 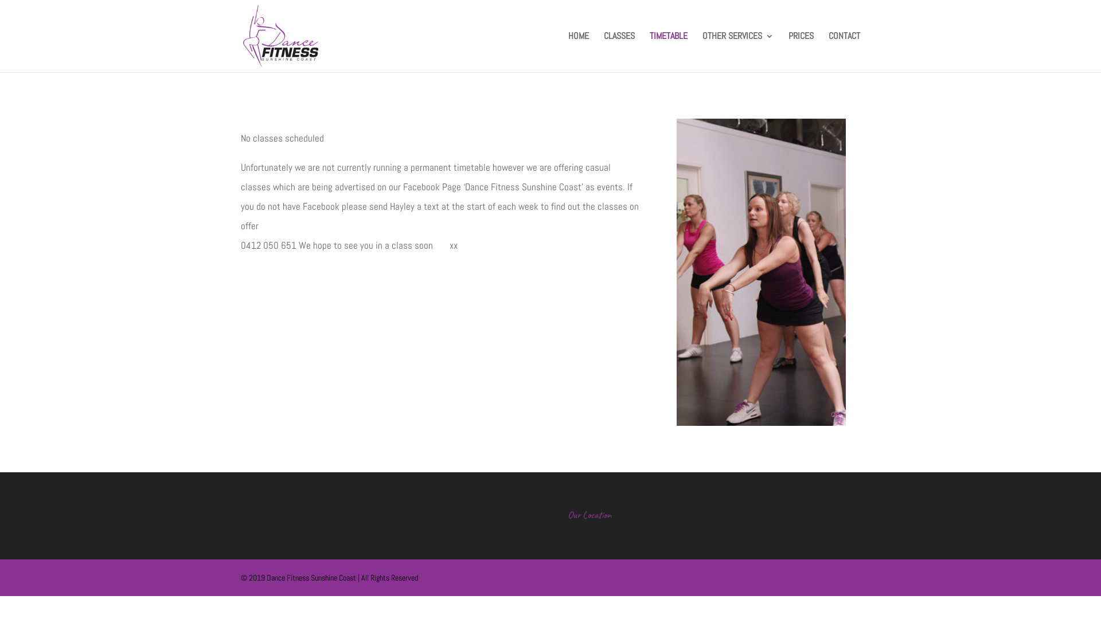 I want to click on 'PRICES', so click(x=787, y=52).